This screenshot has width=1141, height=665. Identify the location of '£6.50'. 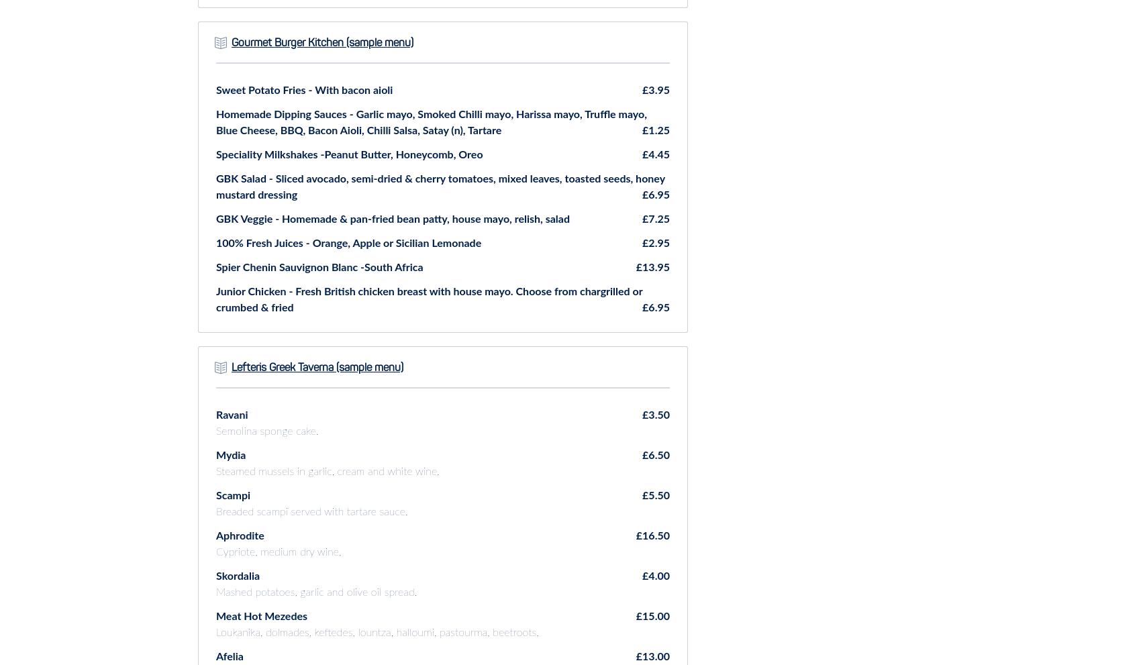
(642, 455).